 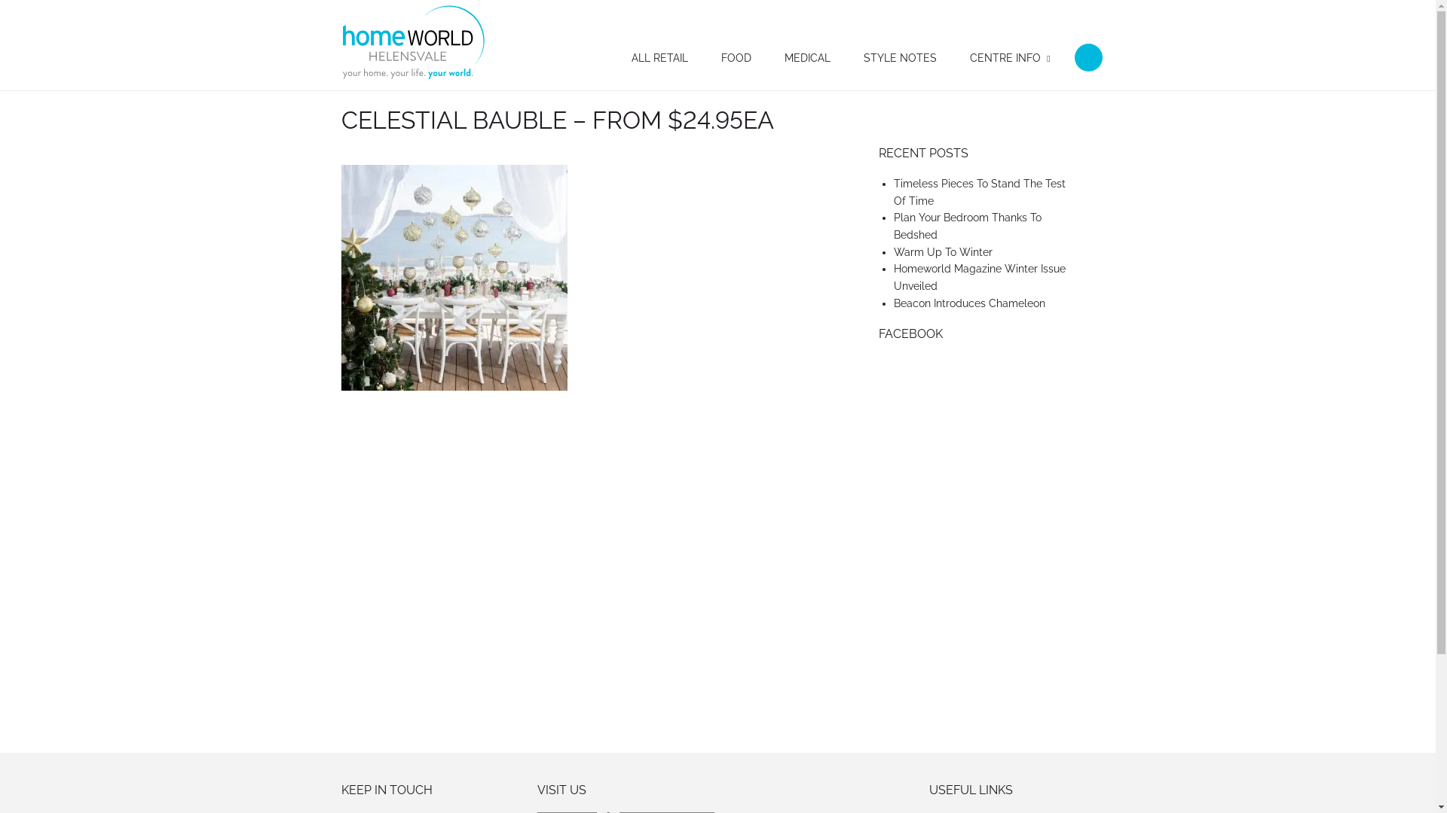 What do you see at coordinates (659, 57) in the screenshot?
I see `'ALL RETAIL'` at bounding box center [659, 57].